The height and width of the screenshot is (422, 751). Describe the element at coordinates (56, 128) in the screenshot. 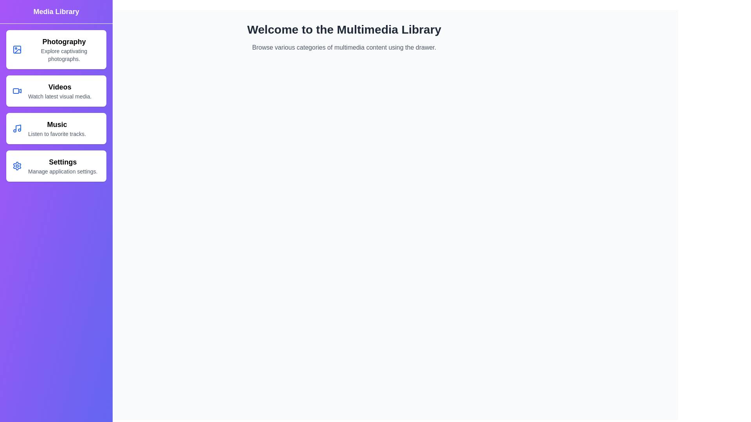

I see `the category item Music to see its hover effect` at that location.